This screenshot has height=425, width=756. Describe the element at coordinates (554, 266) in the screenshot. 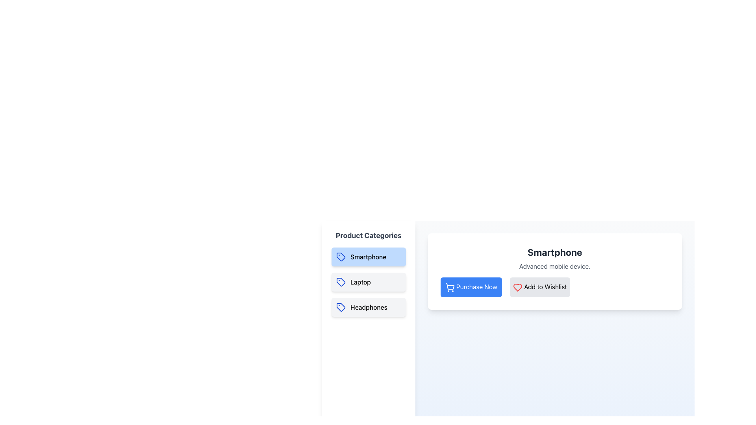

I see `the text label displaying 'Advanced mobile device.' which is located below the title 'Smartphone' and above the buttons 'Purchase Now' and 'Add to Wishlist'` at that location.